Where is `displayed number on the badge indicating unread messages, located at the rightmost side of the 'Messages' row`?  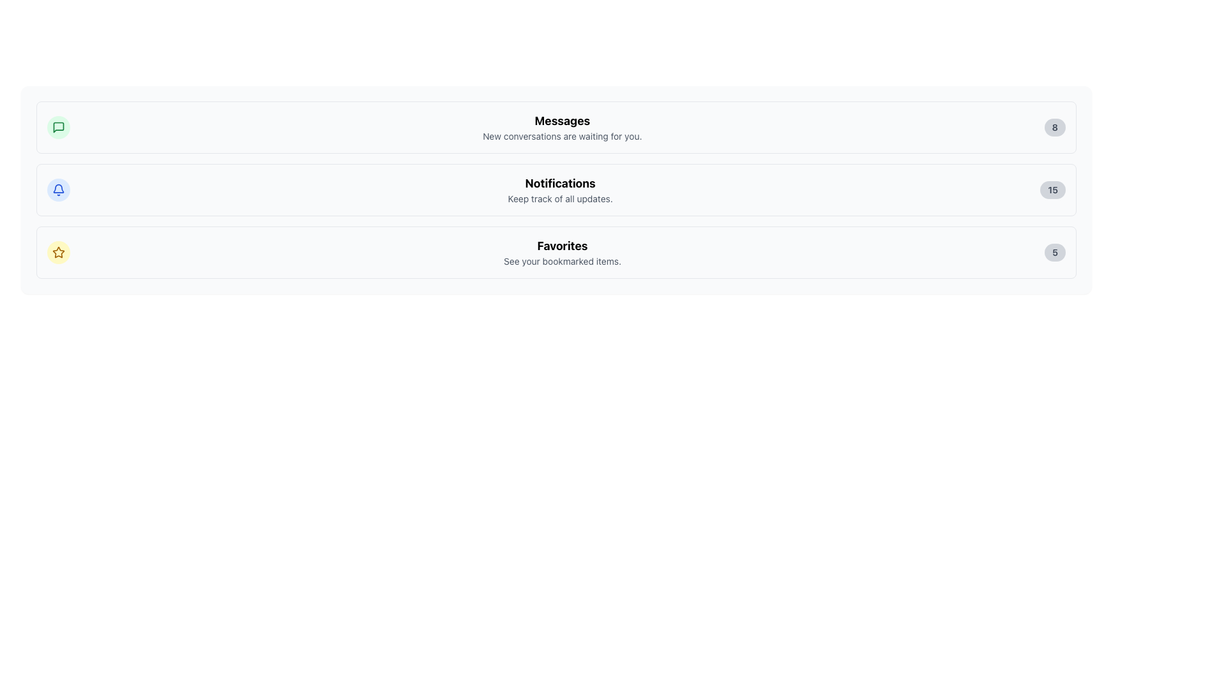 displayed number on the badge indicating unread messages, located at the rightmost side of the 'Messages' row is located at coordinates (1055, 128).